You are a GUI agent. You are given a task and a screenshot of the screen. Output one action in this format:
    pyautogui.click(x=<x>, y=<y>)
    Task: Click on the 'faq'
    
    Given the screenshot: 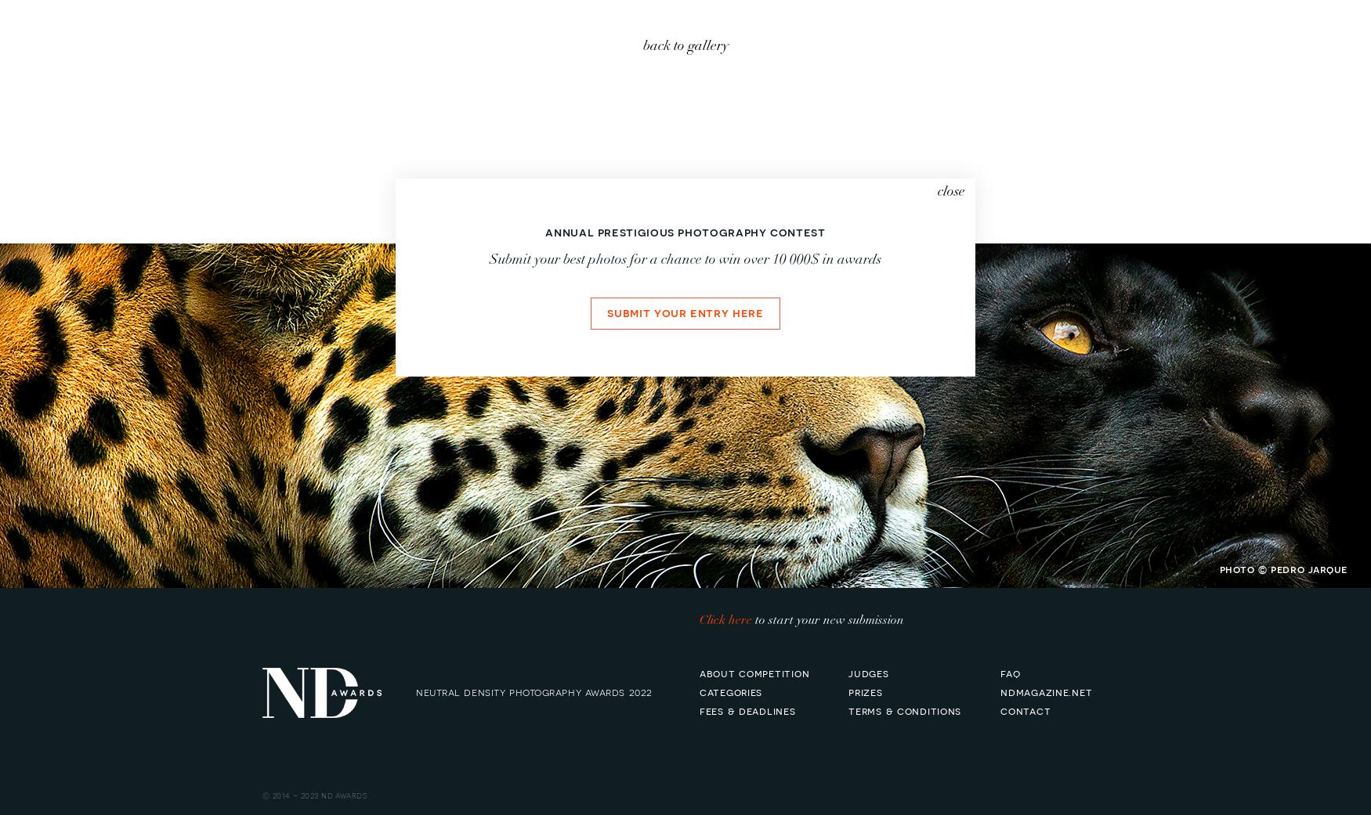 What is the action you would take?
    pyautogui.click(x=1009, y=672)
    